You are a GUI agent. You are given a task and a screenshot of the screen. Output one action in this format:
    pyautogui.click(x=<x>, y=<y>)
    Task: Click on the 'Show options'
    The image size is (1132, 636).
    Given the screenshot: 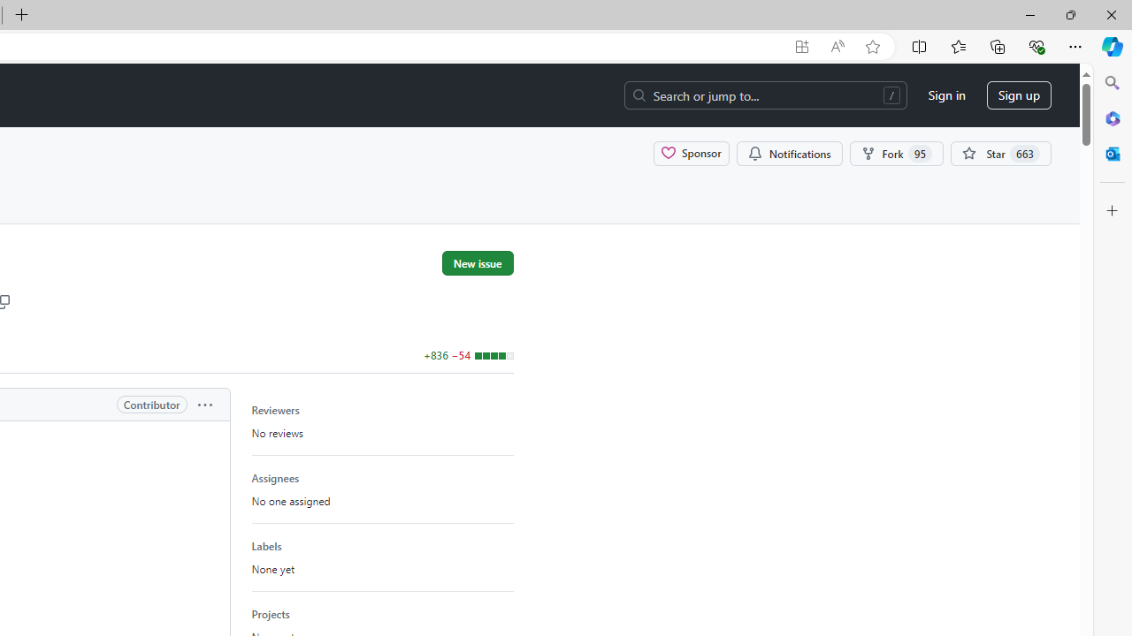 What is the action you would take?
    pyautogui.click(x=204, y=404)
    